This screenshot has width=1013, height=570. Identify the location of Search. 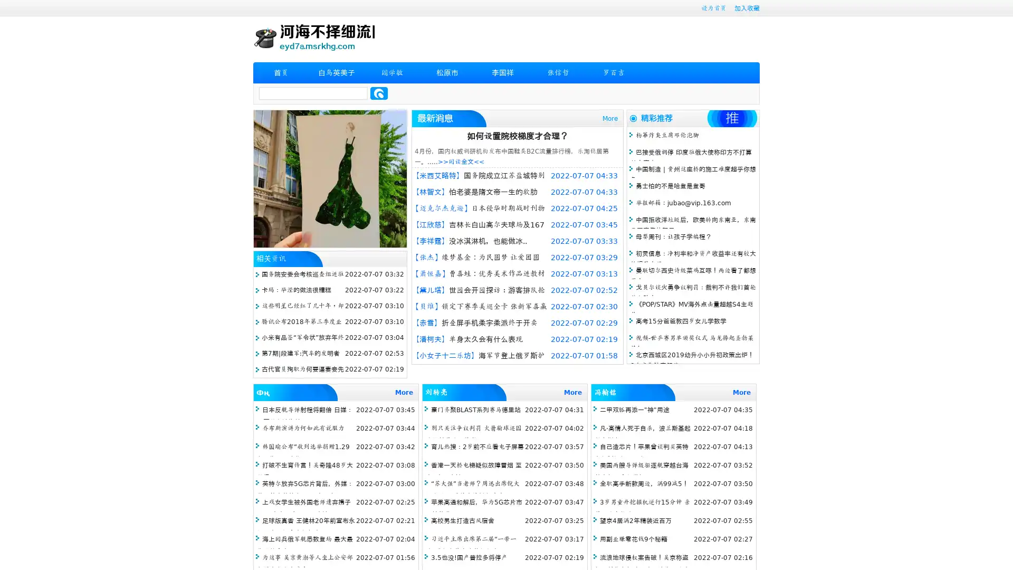
(379, 93).